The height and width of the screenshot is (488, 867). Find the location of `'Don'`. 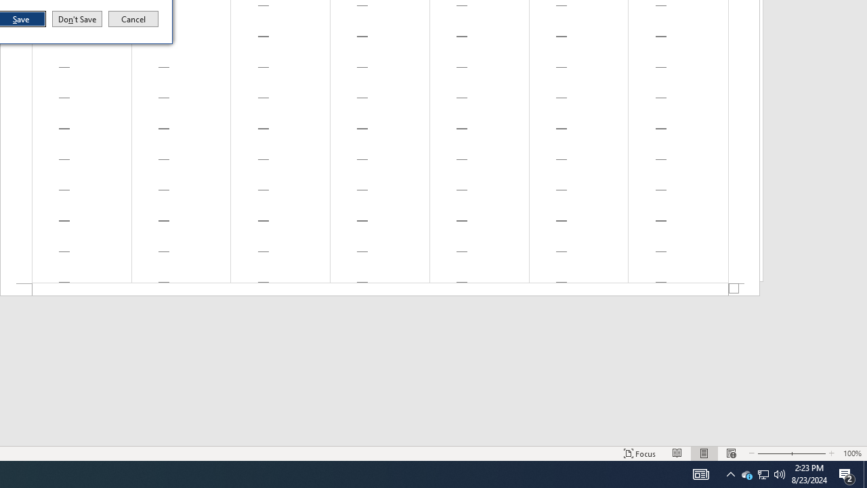

'Don' is located at coordinates (76, 19).